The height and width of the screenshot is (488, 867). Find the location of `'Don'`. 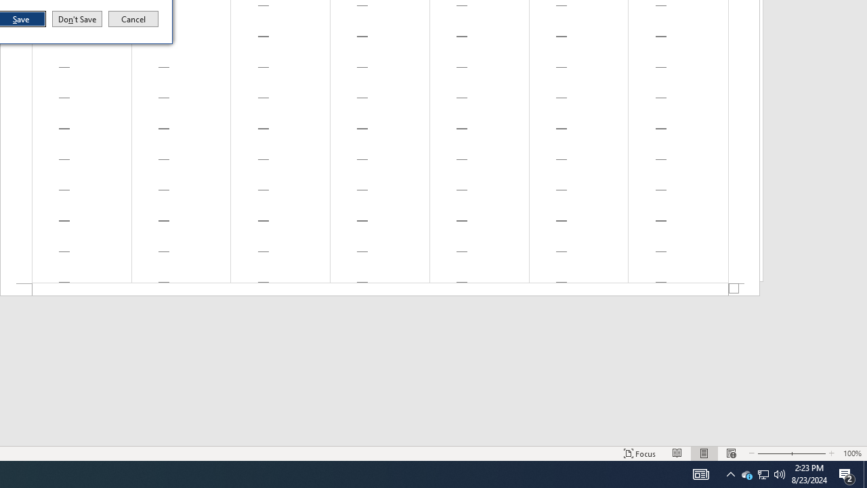

'Don' is located at coordinates (76, 19).